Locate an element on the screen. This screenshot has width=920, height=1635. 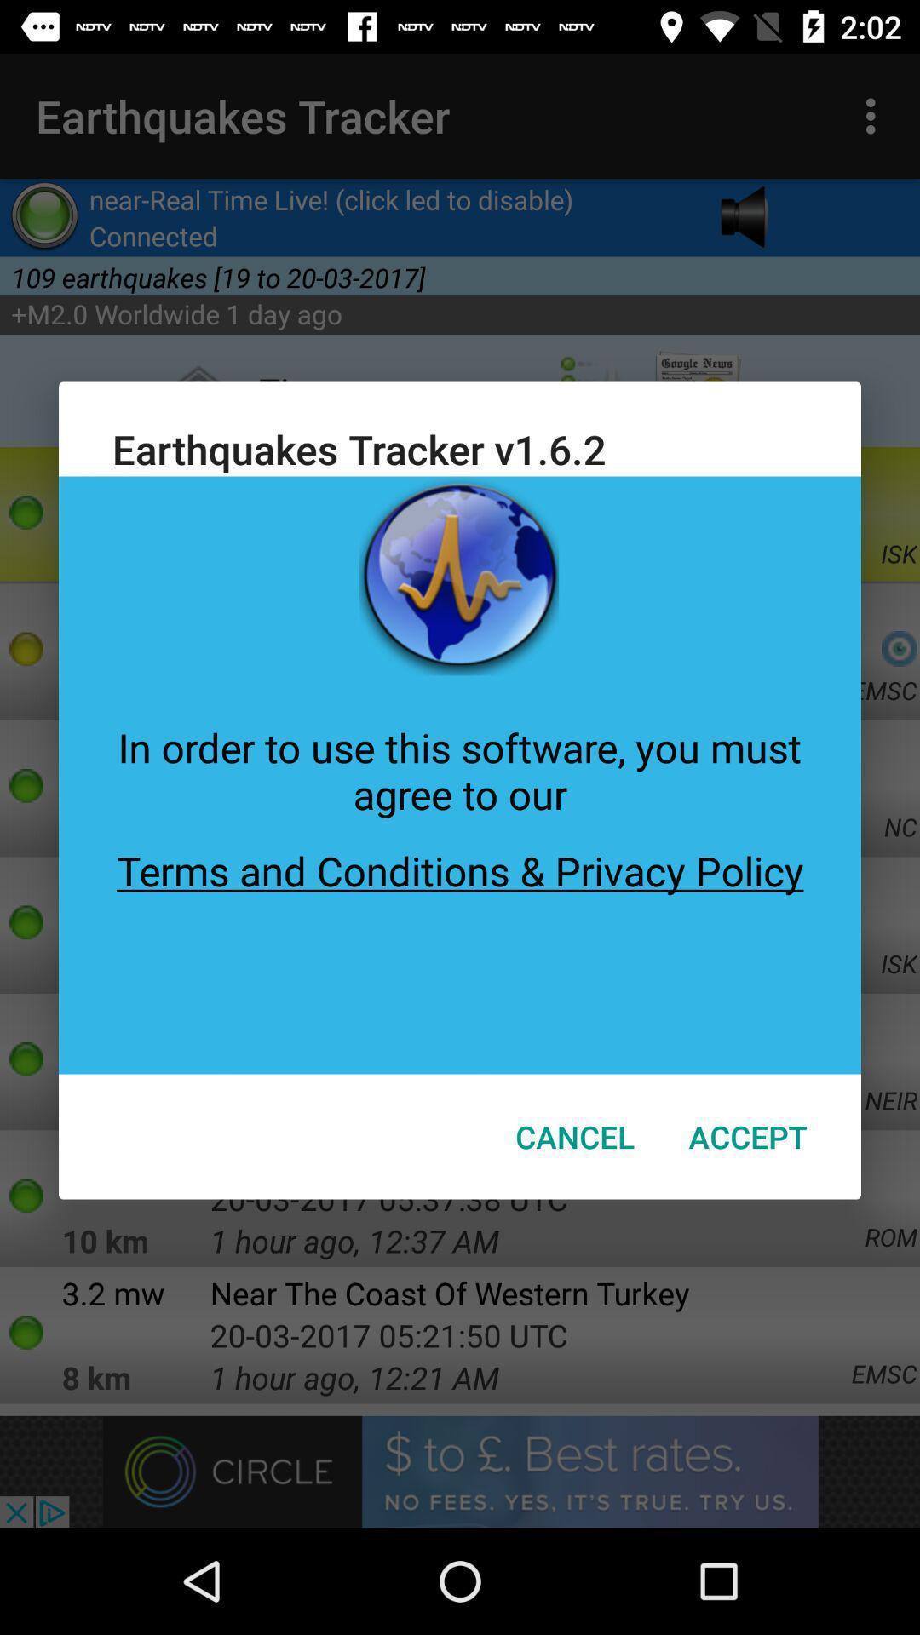
accept icon is located at coordinates (747, 1136).